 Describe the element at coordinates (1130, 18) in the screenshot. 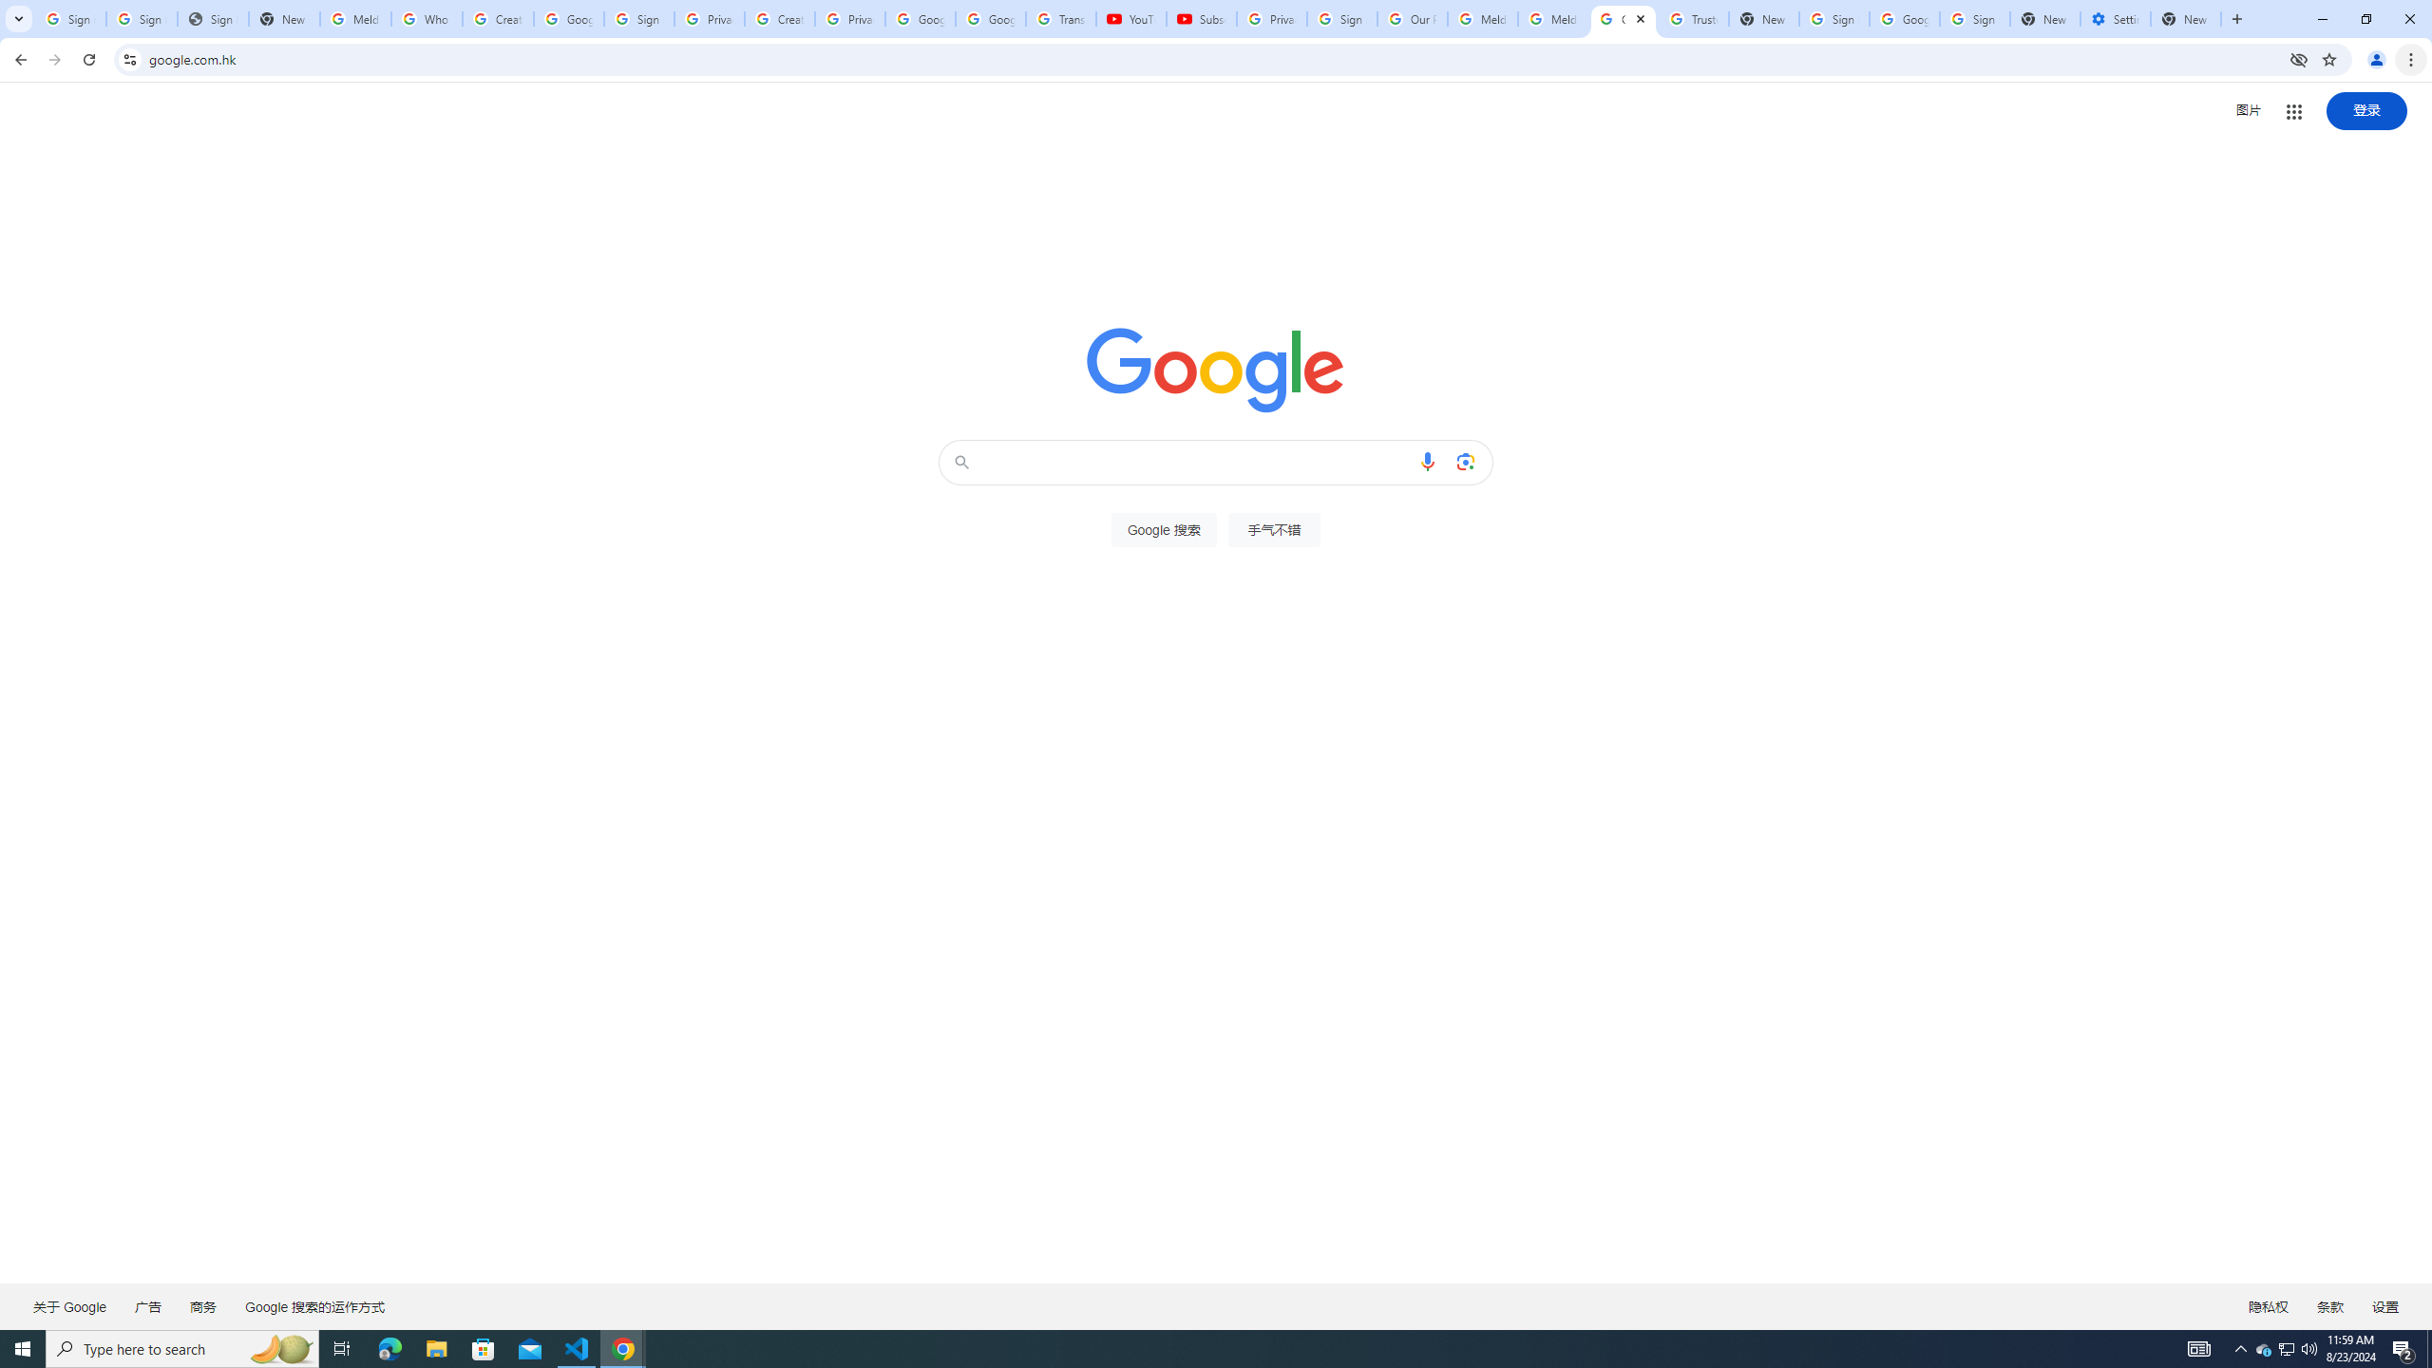

I see `'YouTube'` at that location.